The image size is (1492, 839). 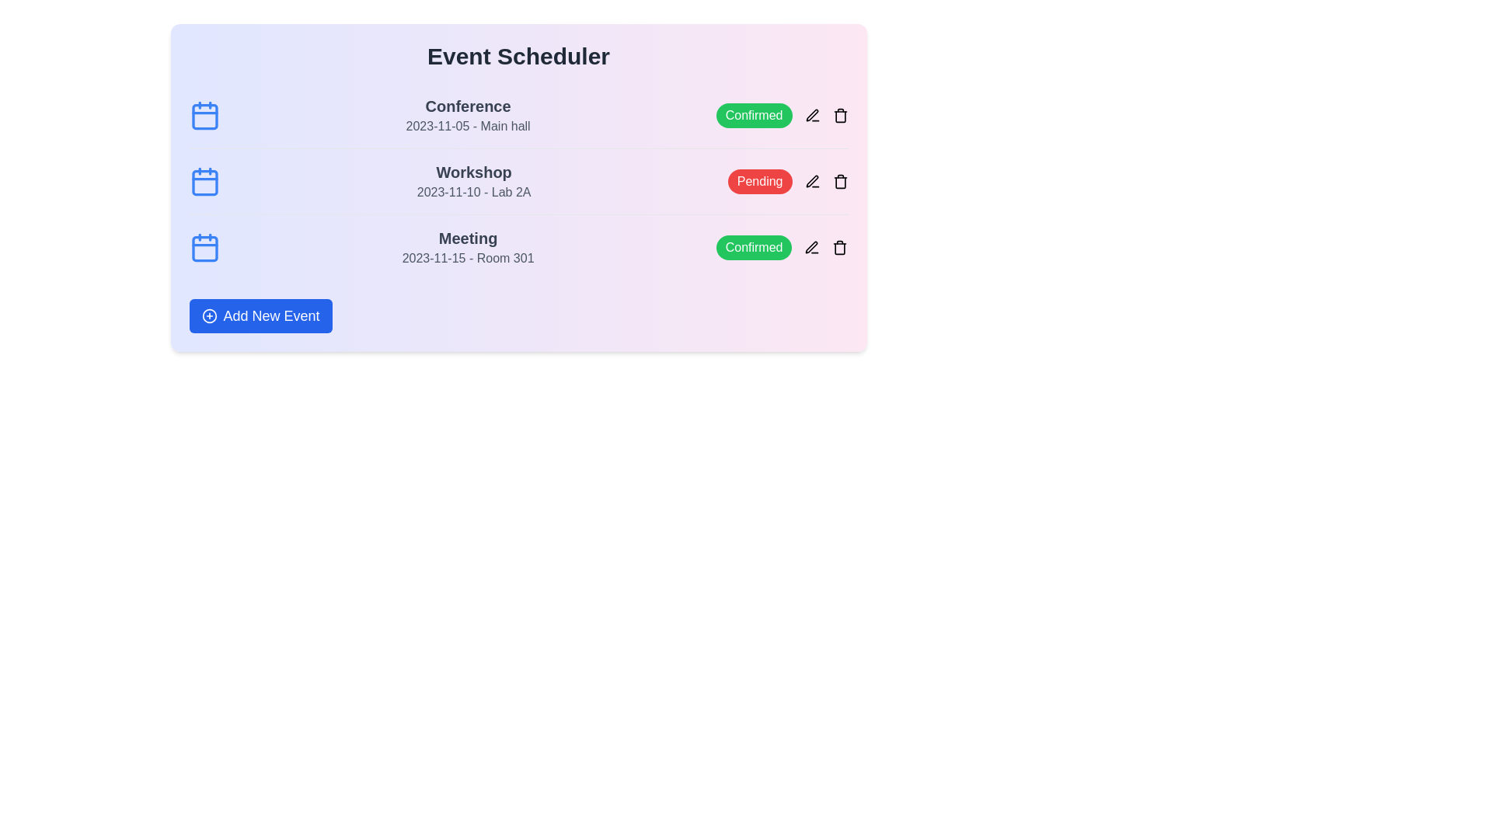 What do you see at coordinates (260, 315) in the screenshot?
I see `the 'Add New Event' button` at bounding box center [260, 315].